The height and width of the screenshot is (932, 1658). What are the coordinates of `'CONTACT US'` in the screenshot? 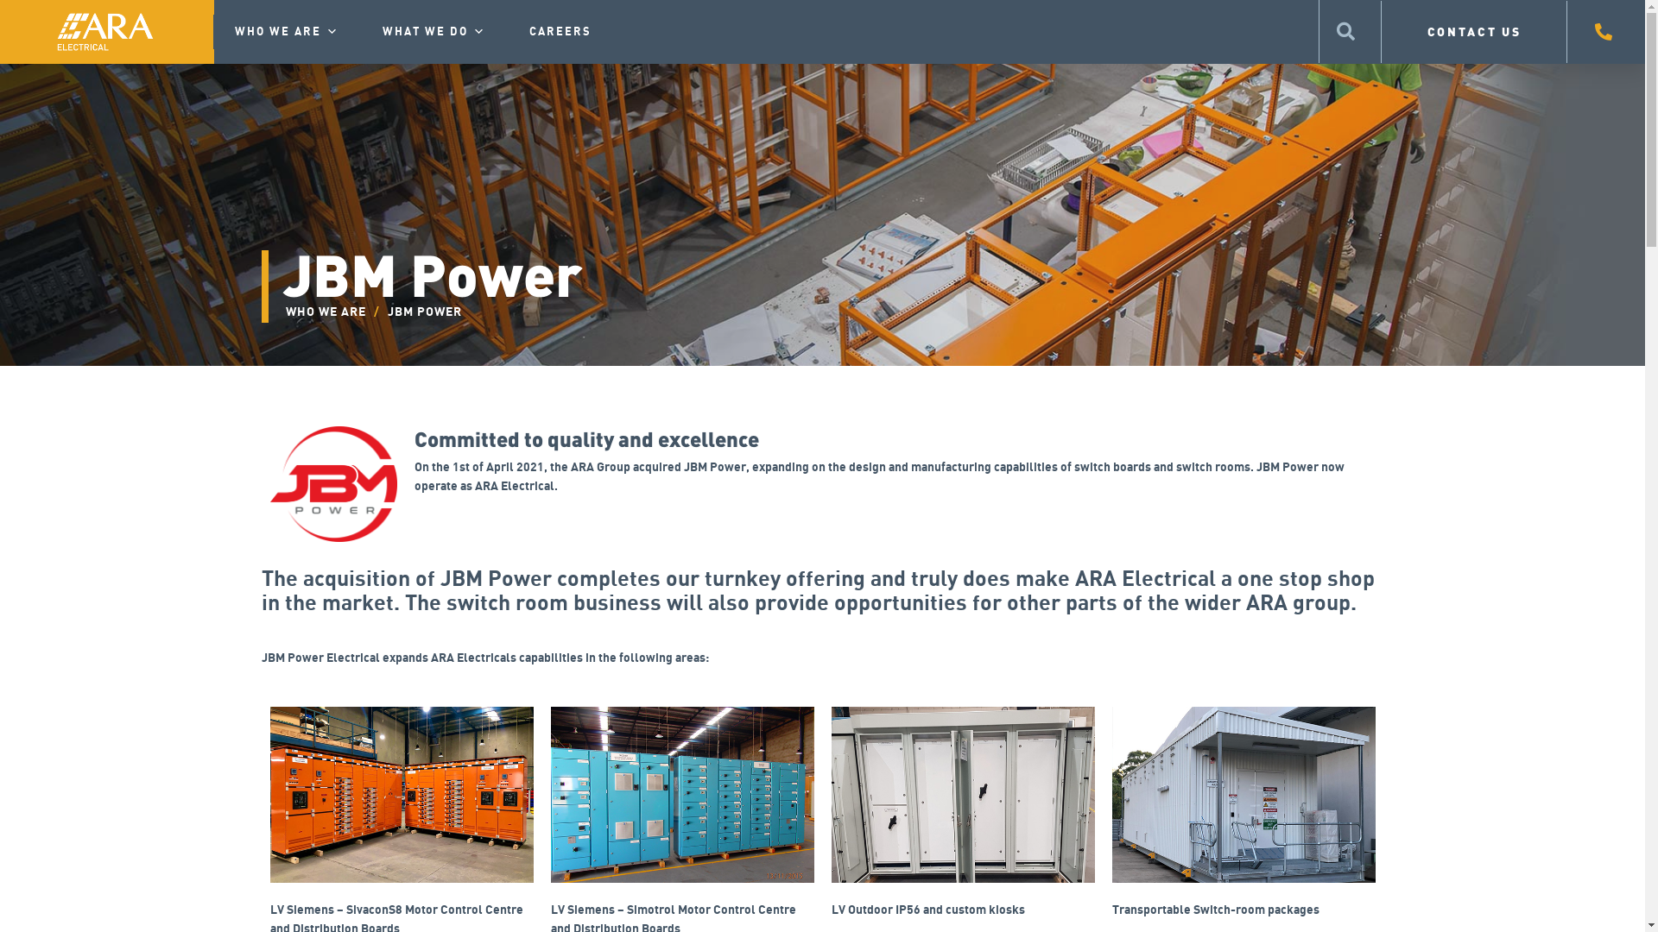 It's located at (1473, 31).